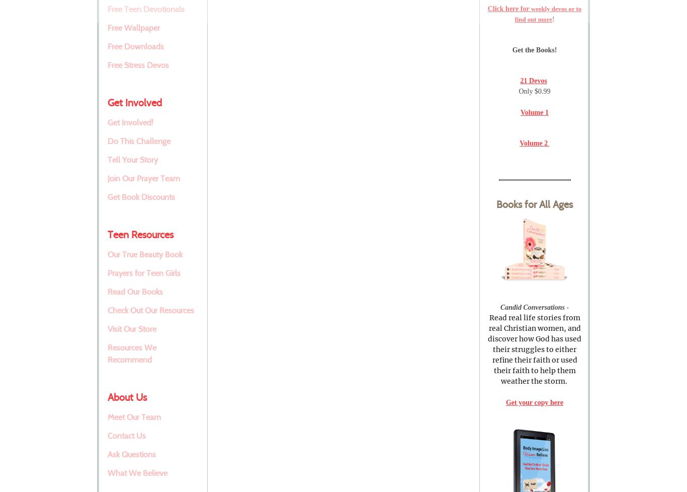 The height and width of the screenshot is (492, 687). Describe the element at coordinates (534, 111) in the screenshot. I see `'Volume 1'` at that location.